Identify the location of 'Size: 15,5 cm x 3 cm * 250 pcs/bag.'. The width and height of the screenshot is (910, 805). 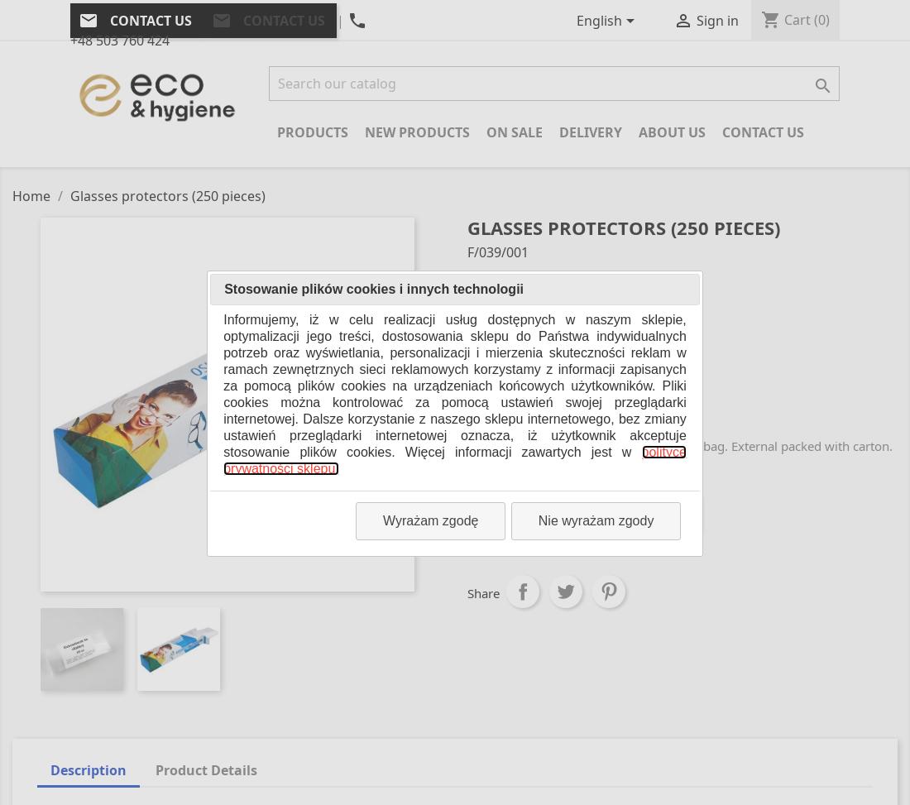
(568, 411).